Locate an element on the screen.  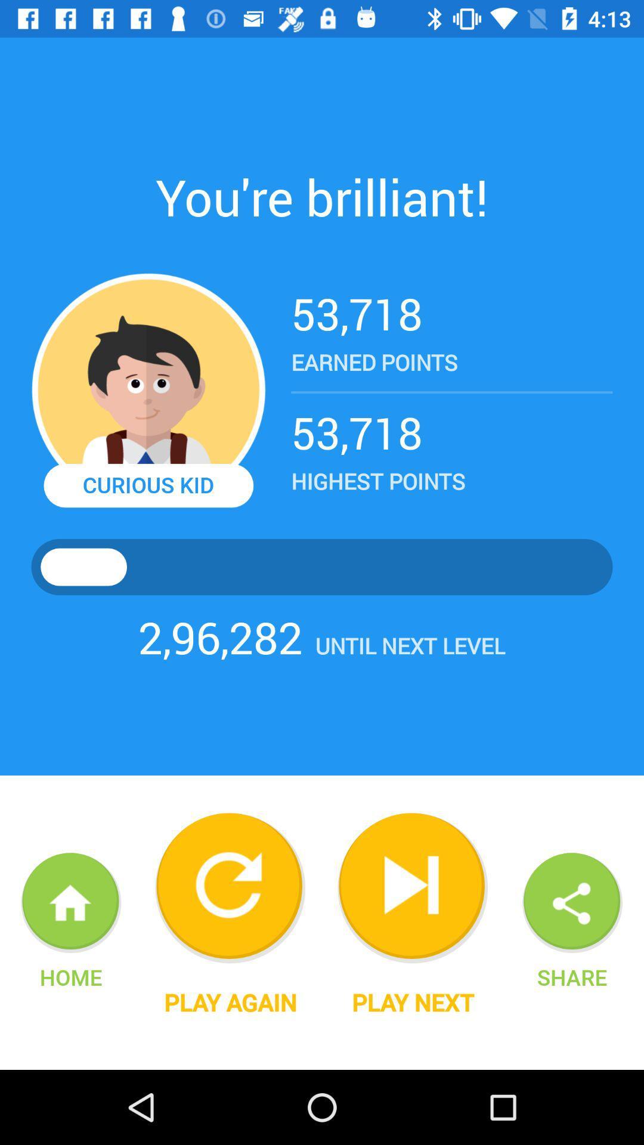
share the results is located at coordinates (572, 903).